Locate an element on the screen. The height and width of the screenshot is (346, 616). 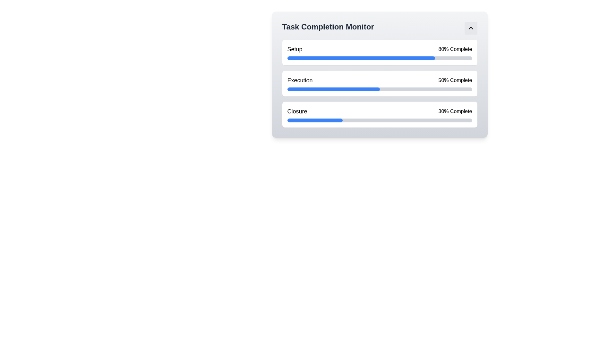
the 'Execution' text label, which indicates a phase in a progress tracking system, positioned between 'Setup' and 'Closure' labels is located at coordinates (300, 80).